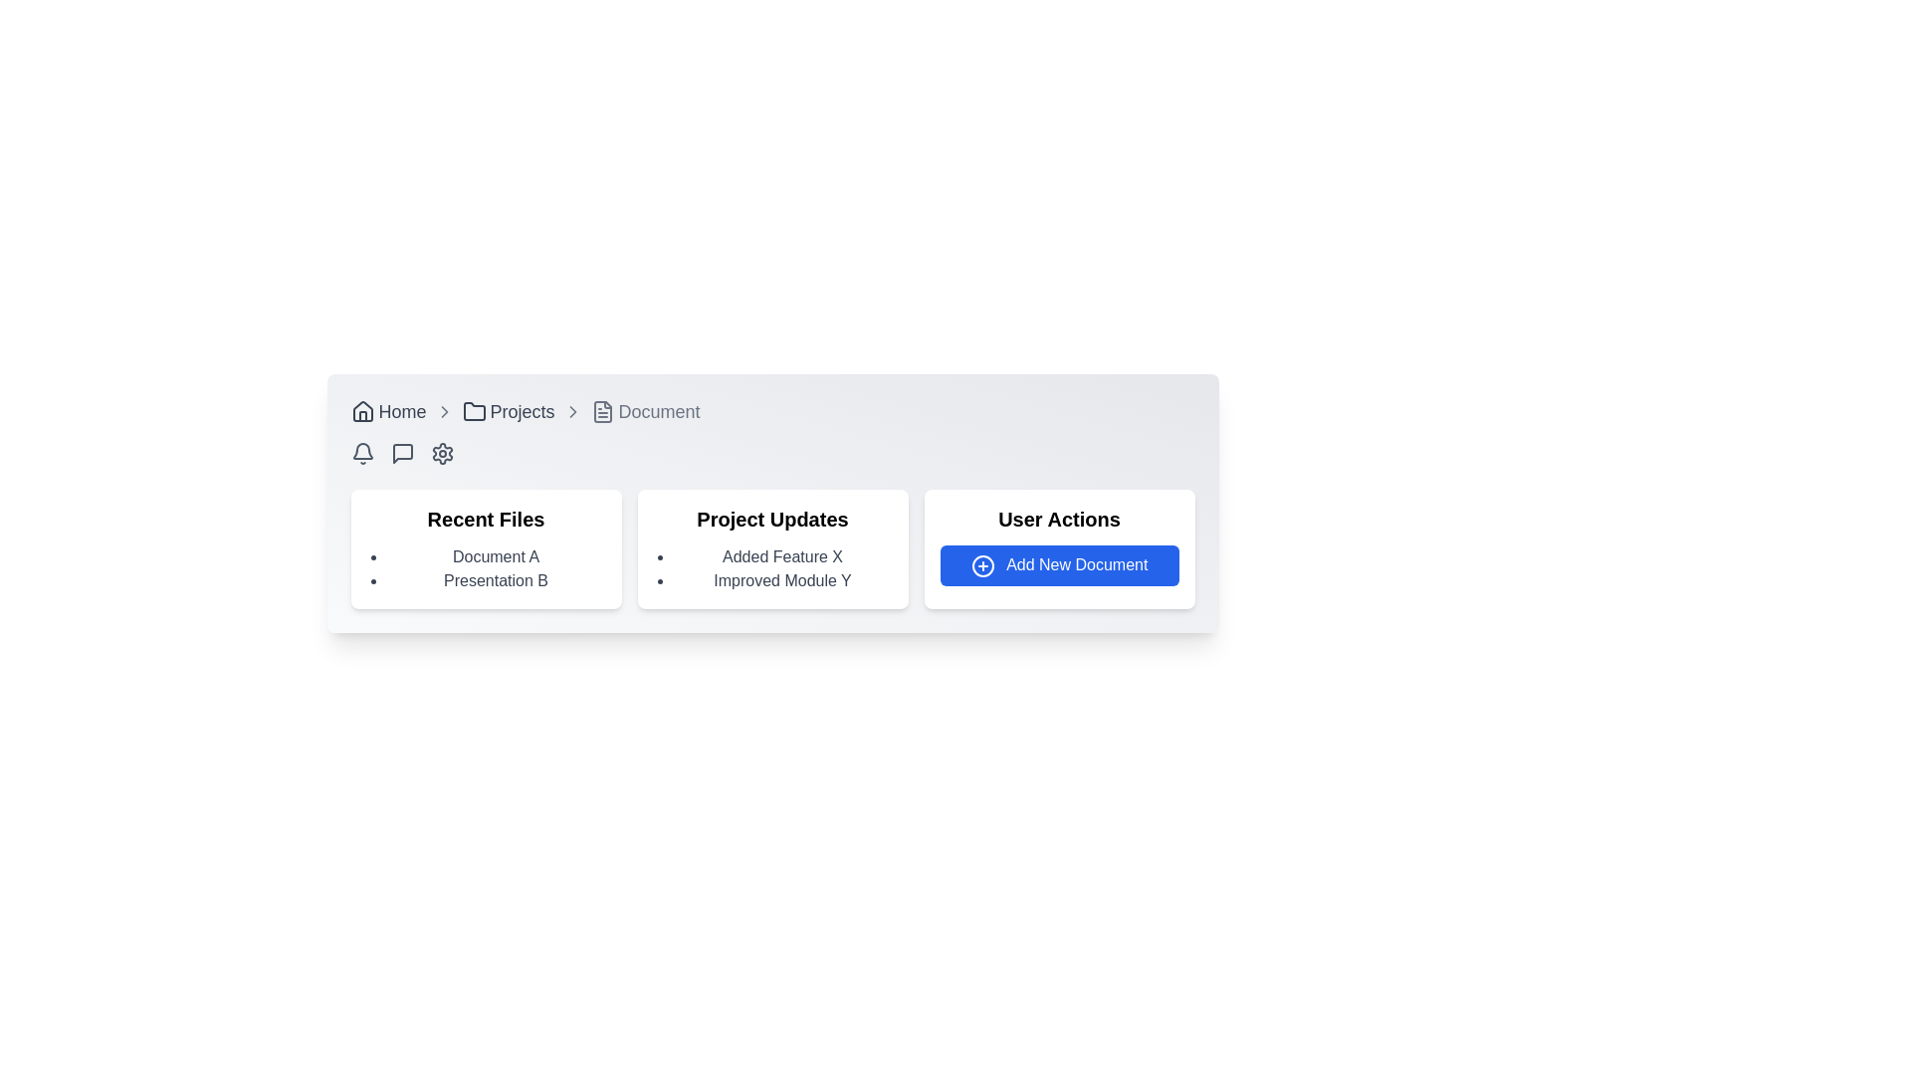 The height and width of the screenshot is (1075, 1911). Describe the element at coordinates (571, 410) in the screenshot. I see `the right-pointing arrow icon located in the breadcrumb navigation bar between the 'Projects' and 'Document' labels` at that location.